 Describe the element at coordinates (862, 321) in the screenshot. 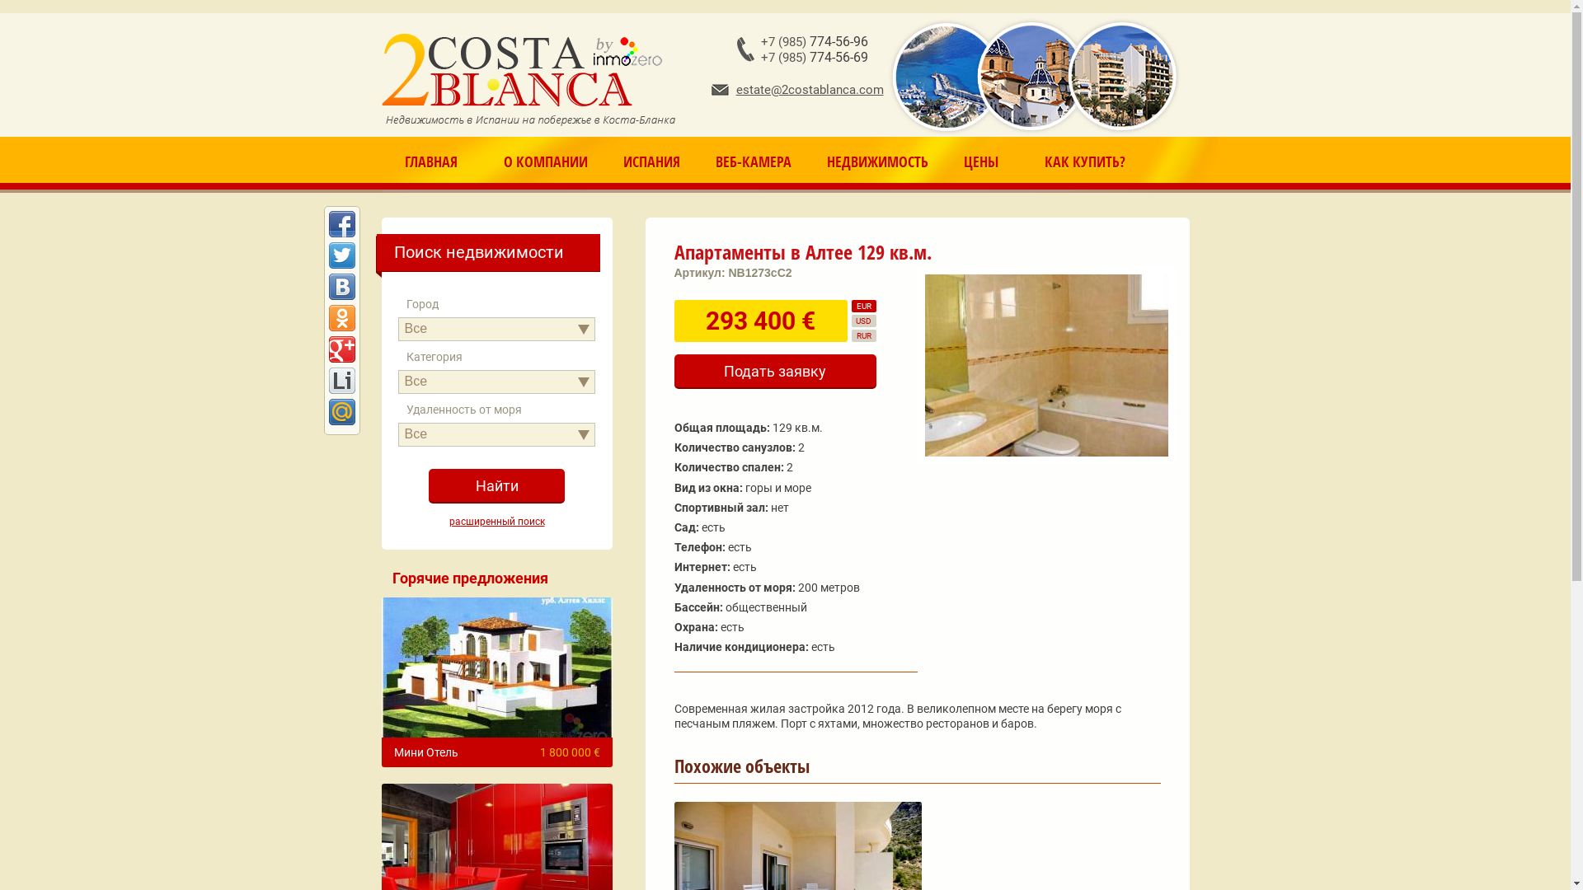

I see `'USD'` at that location.